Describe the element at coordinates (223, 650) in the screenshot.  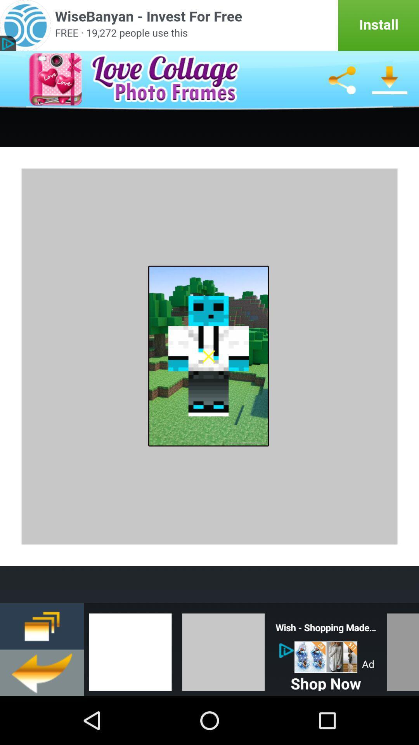
I see `place yellow block` at that location.